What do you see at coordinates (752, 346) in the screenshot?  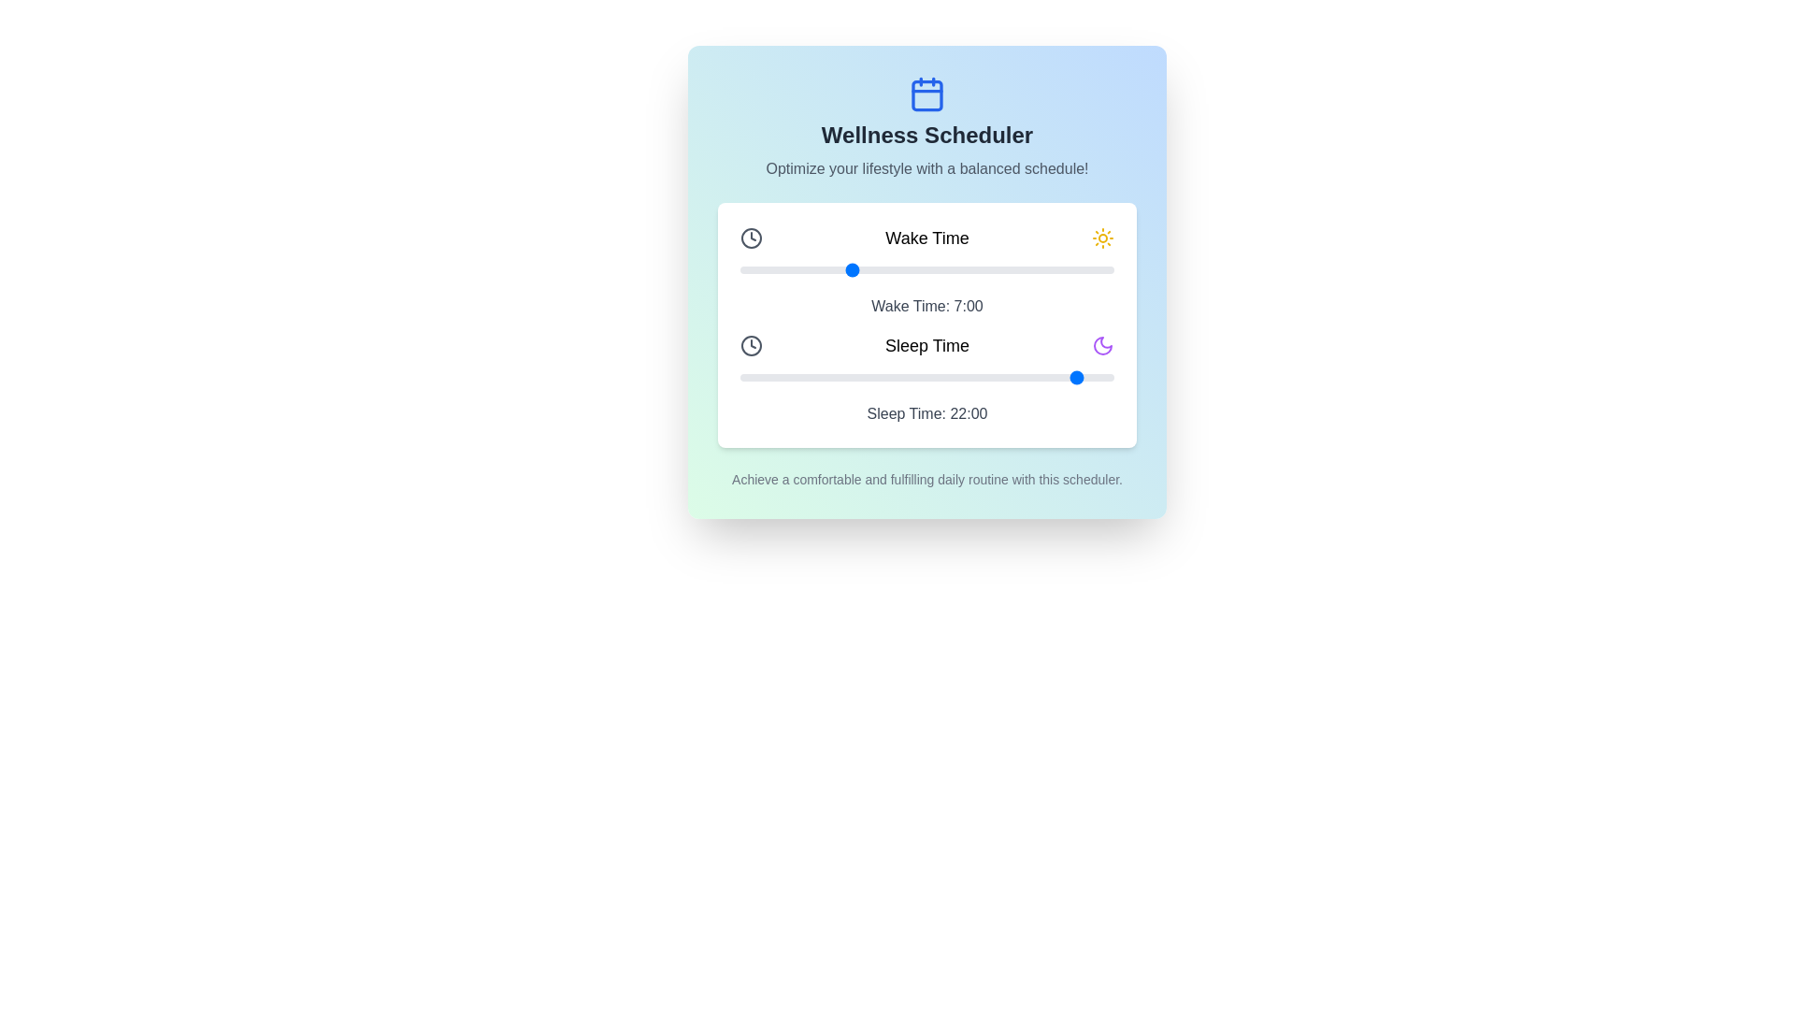 I see `the black and white clock icon located to the left of the 'Sleep Time' label by moving the mouse pointer to it` at bounding box center [752, 346].